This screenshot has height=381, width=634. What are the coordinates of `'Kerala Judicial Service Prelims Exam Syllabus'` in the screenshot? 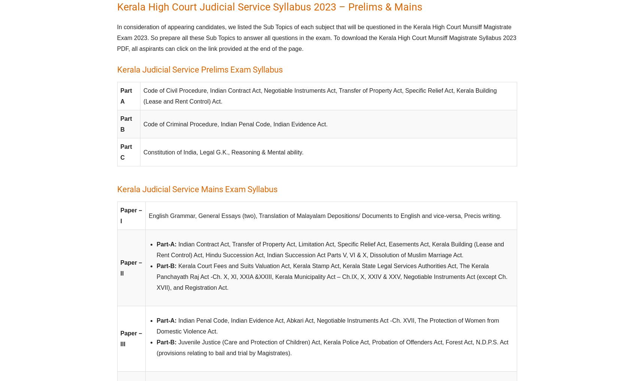 It's located at (116, 69).